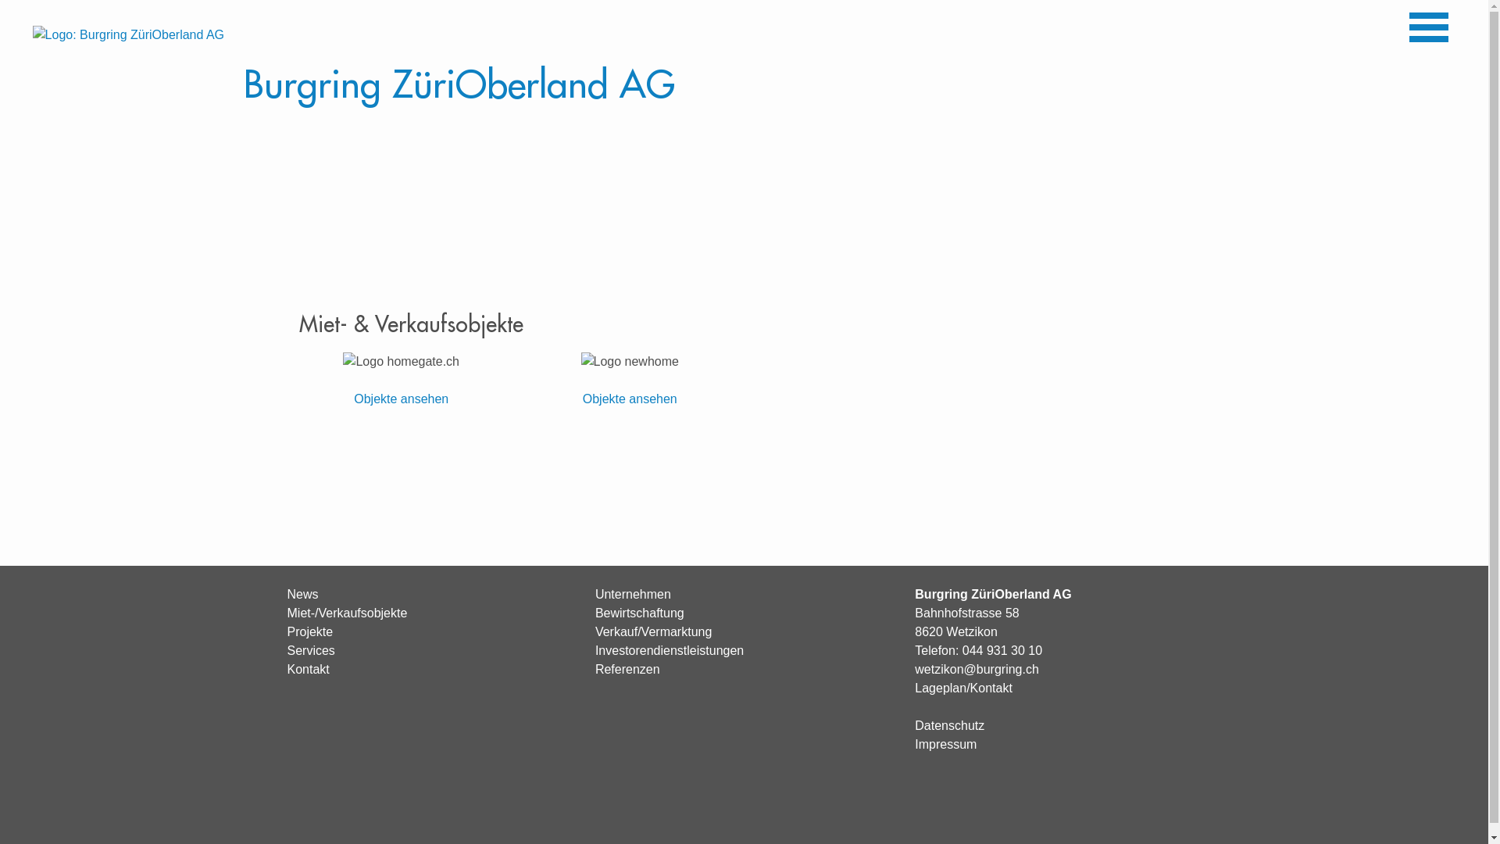 Image resolution: width=1500 pixels, height=844 pixels. Describe the element at coordinates (595, 612) in the screenshot. I see `'Bewirtschaftung'` at that location.